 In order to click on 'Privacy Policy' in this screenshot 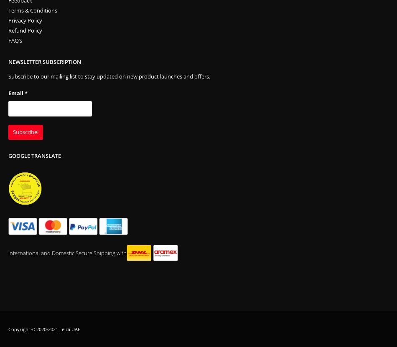, I will do `click(25, 20)`.